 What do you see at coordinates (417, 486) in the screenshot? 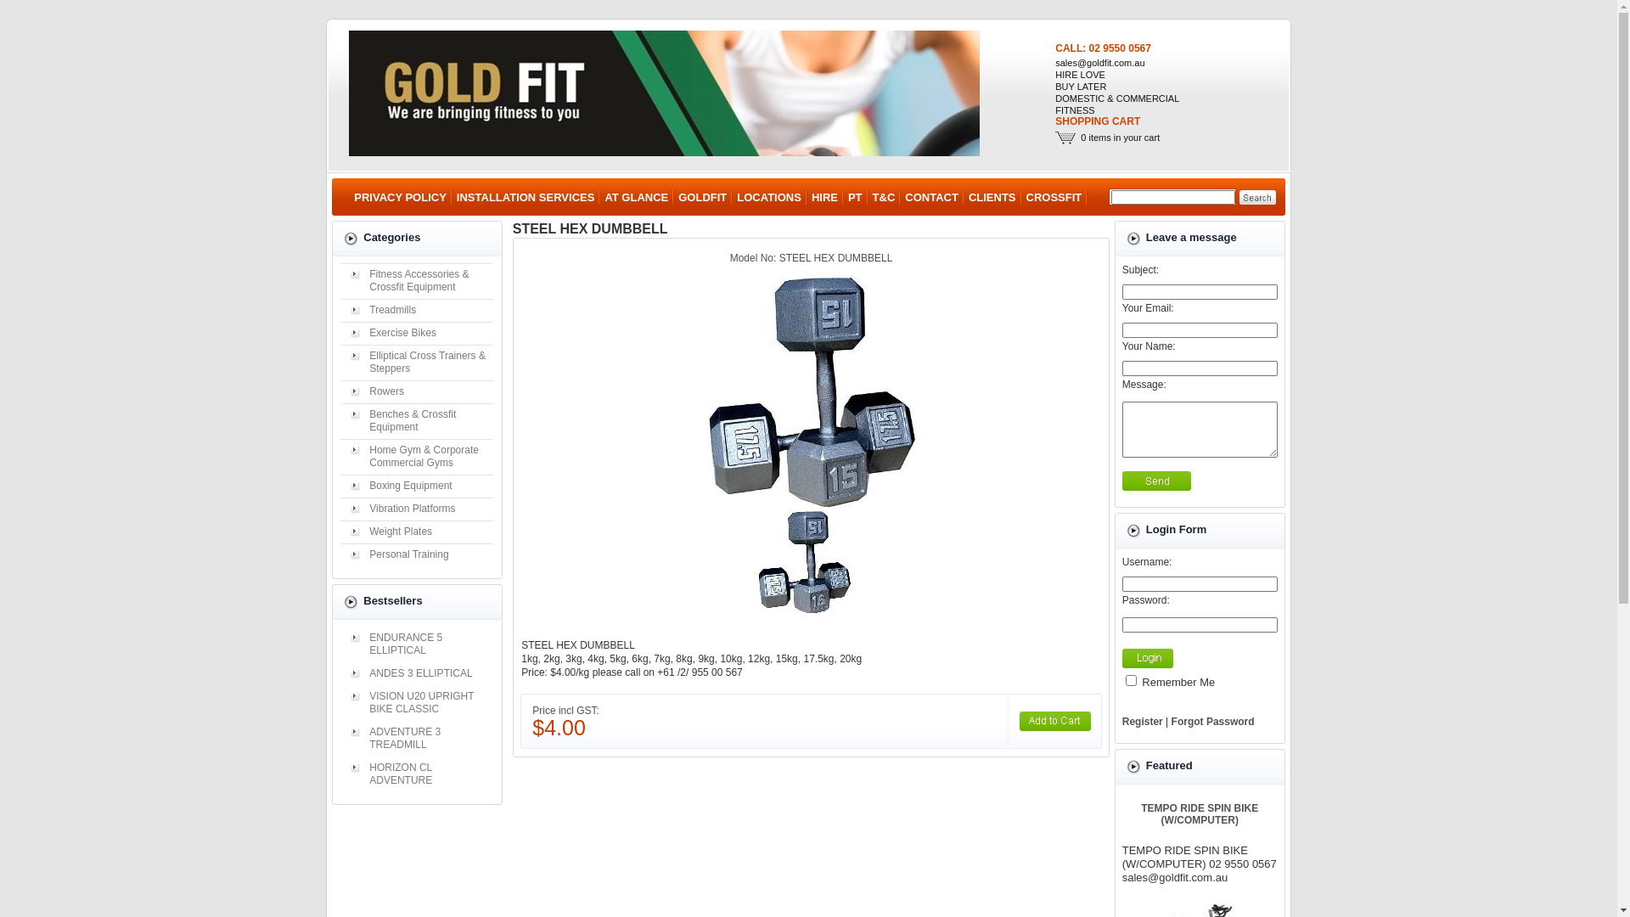
I see `'Boxing Equipment'` at bounding box center [417, 486].